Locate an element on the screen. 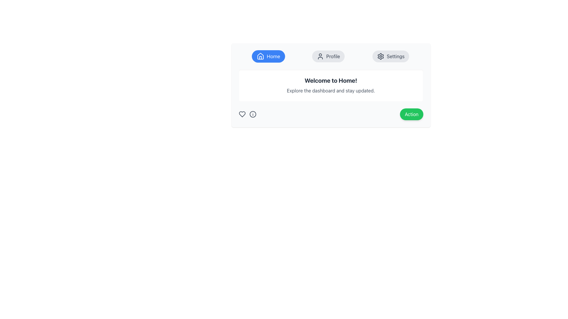  the 'Home' text label, which is styled in white against a blue background and located in the leftmost button of the main navigation bar is located at coordinates (273, 56).